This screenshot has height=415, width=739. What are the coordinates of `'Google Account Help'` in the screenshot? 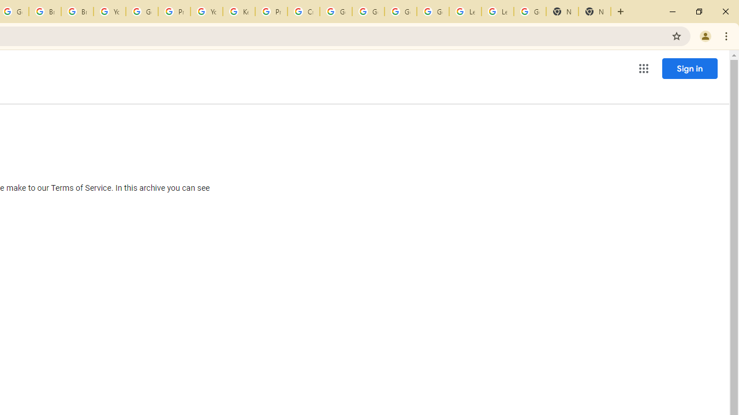 It's located at (432, 12).